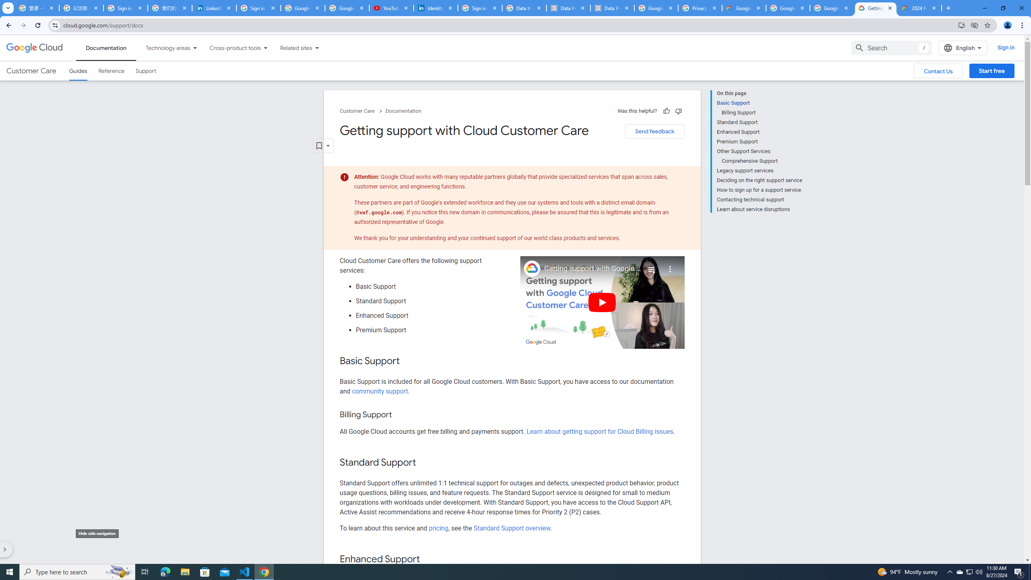  Describe the element at coordinates (759, 180) in the screenshot. I see `'Deciding on the right support service'` at that location.